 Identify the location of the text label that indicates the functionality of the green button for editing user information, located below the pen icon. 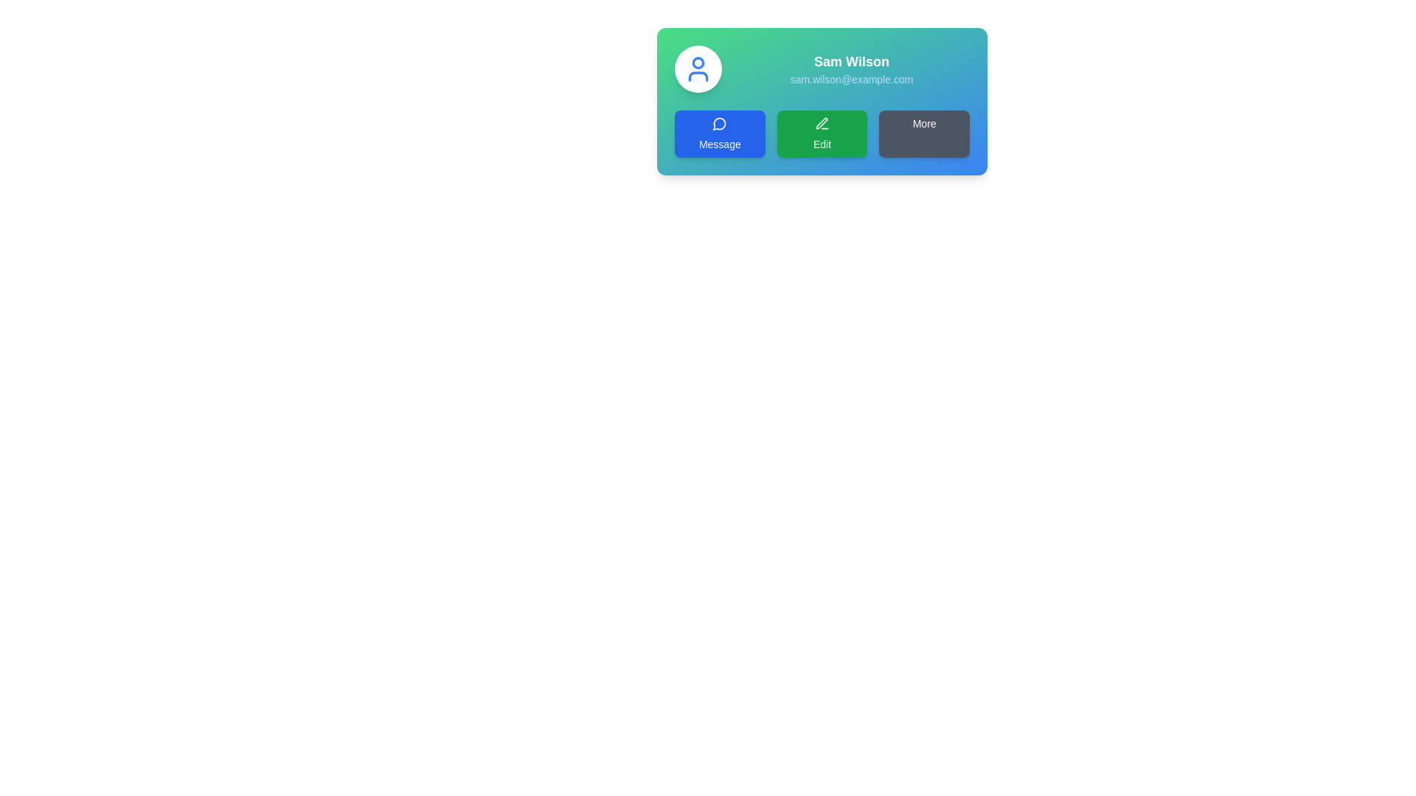
(821, 144).